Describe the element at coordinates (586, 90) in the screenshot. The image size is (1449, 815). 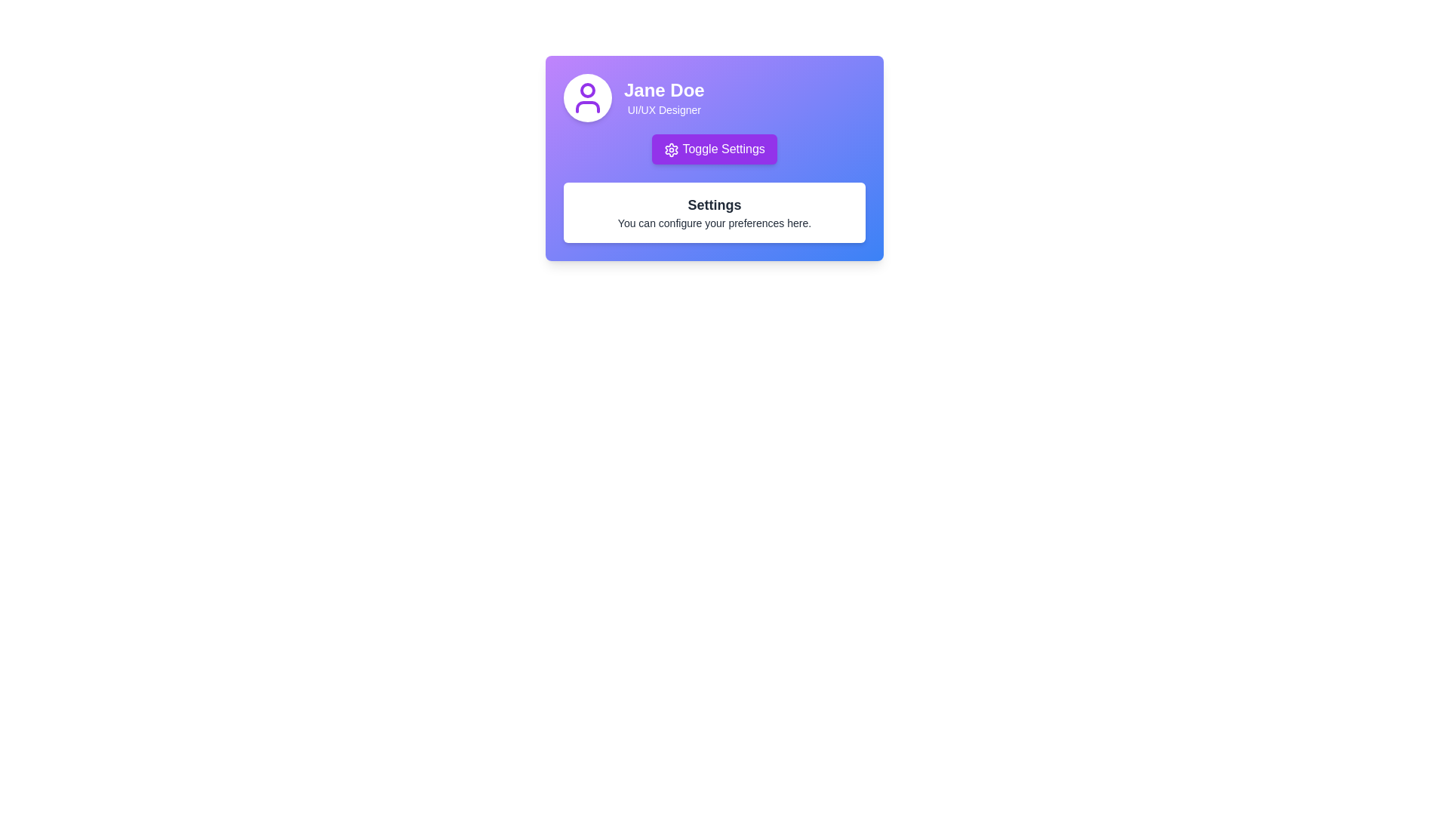
I see `the SVG Circle that represents the avatar or profile picture area on the user card, located at the top-left of the user card` at that location.